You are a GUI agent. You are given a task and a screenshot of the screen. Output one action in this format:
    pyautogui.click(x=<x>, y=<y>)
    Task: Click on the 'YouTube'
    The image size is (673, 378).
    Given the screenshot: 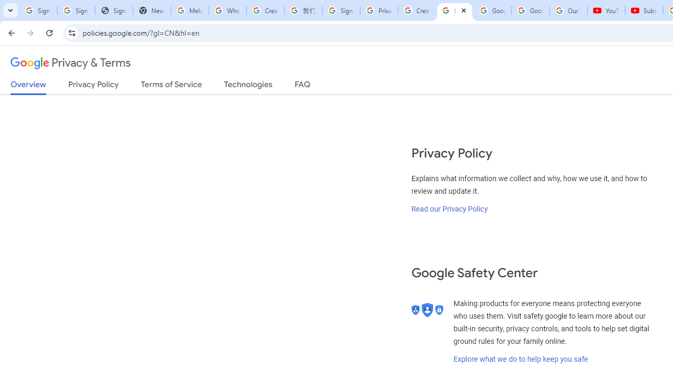 What is the action you would take?
    pyautogui.click(x=606, y=10)
    